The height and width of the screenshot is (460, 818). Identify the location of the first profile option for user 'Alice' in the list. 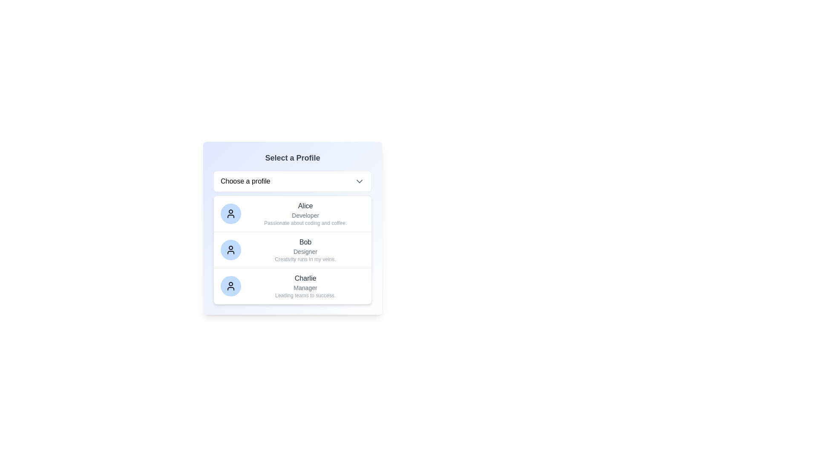
(292, 213).